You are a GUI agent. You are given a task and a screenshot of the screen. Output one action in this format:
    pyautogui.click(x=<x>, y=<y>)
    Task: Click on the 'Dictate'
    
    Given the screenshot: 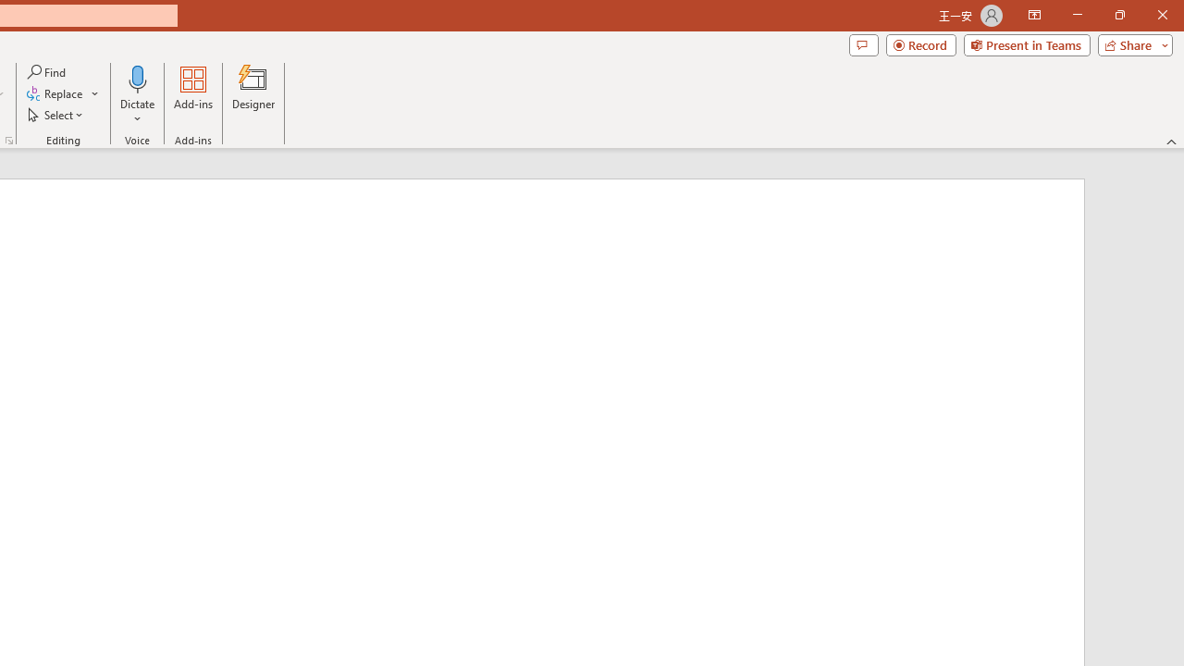 What is the action you would take?
    pyautogui.click(x=137, y=78)
    